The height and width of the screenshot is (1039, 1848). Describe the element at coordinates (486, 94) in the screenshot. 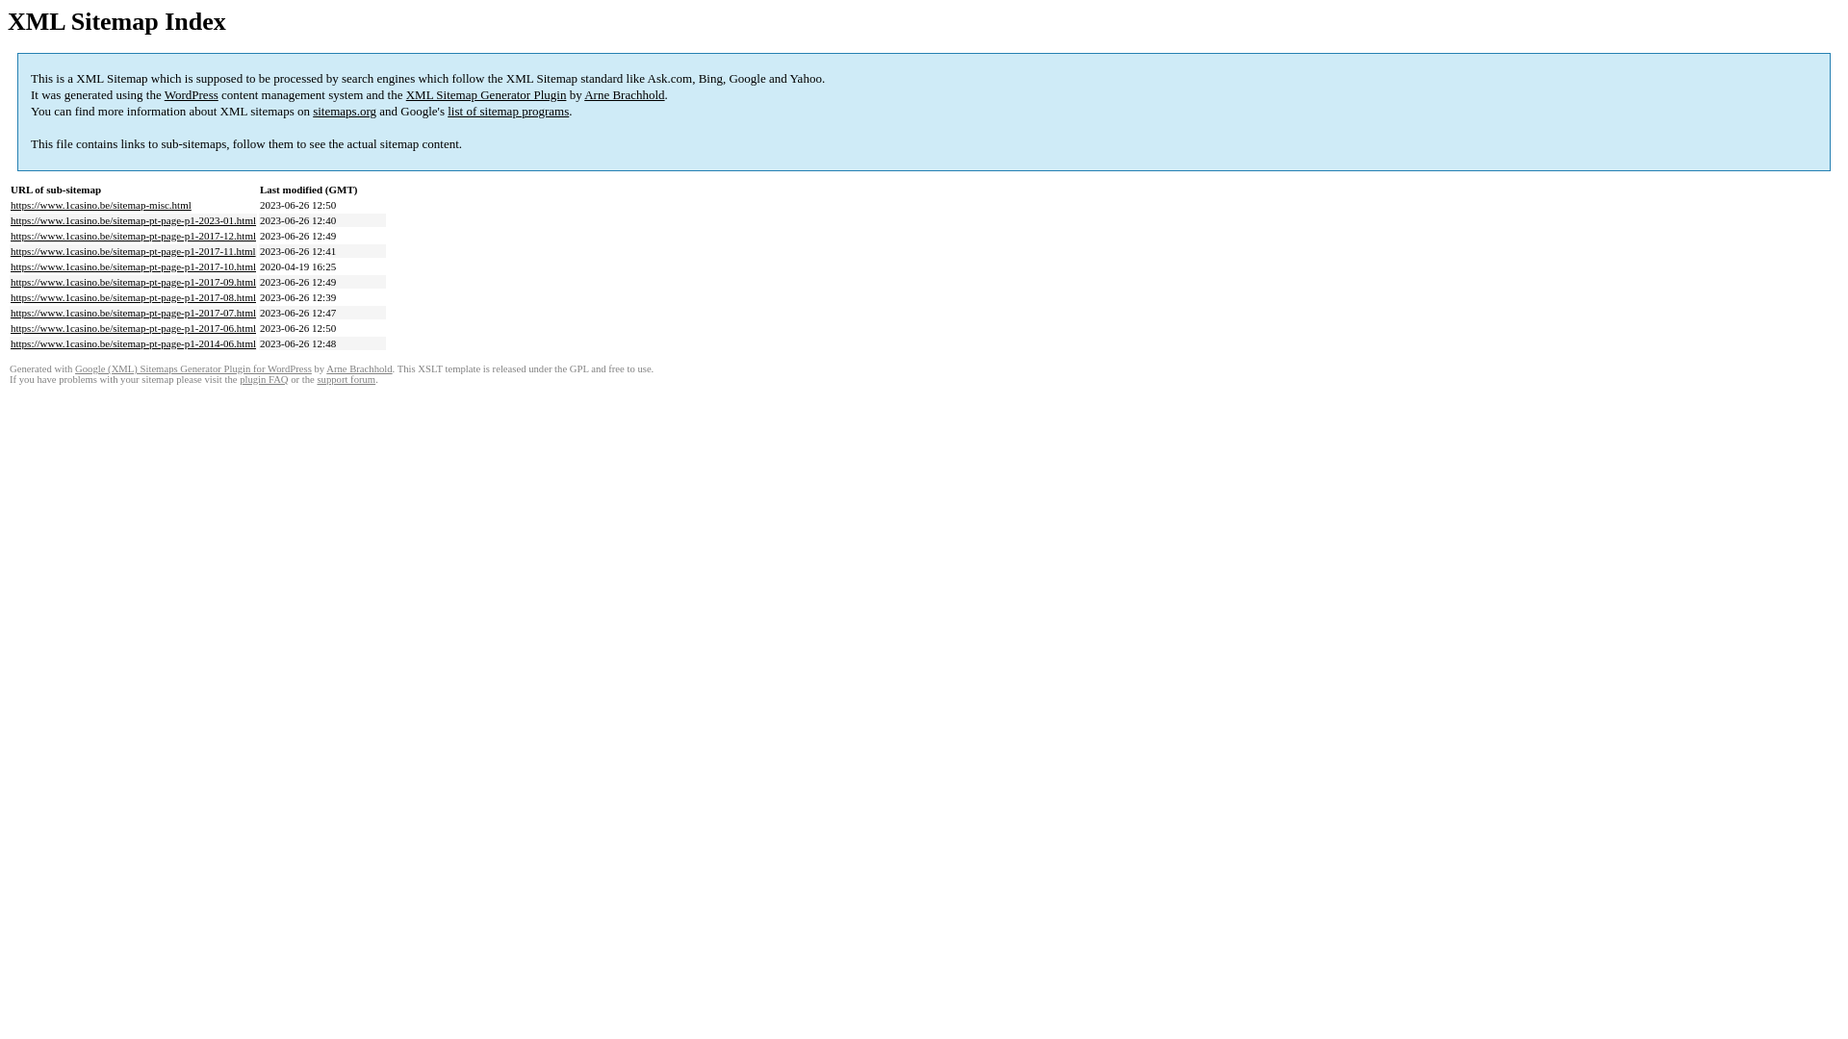

I see `'XML Sitemap Generator Plugin'` at that location.